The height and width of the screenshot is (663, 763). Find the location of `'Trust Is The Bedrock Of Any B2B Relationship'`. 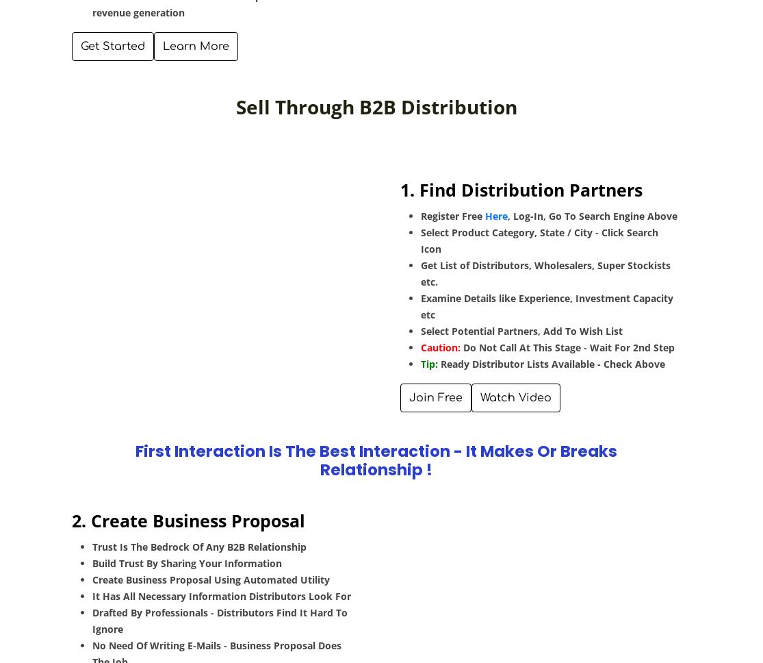

'Trust Is The Bedrock Of Any B2B Relationship' is located at coordinates (199, 545).